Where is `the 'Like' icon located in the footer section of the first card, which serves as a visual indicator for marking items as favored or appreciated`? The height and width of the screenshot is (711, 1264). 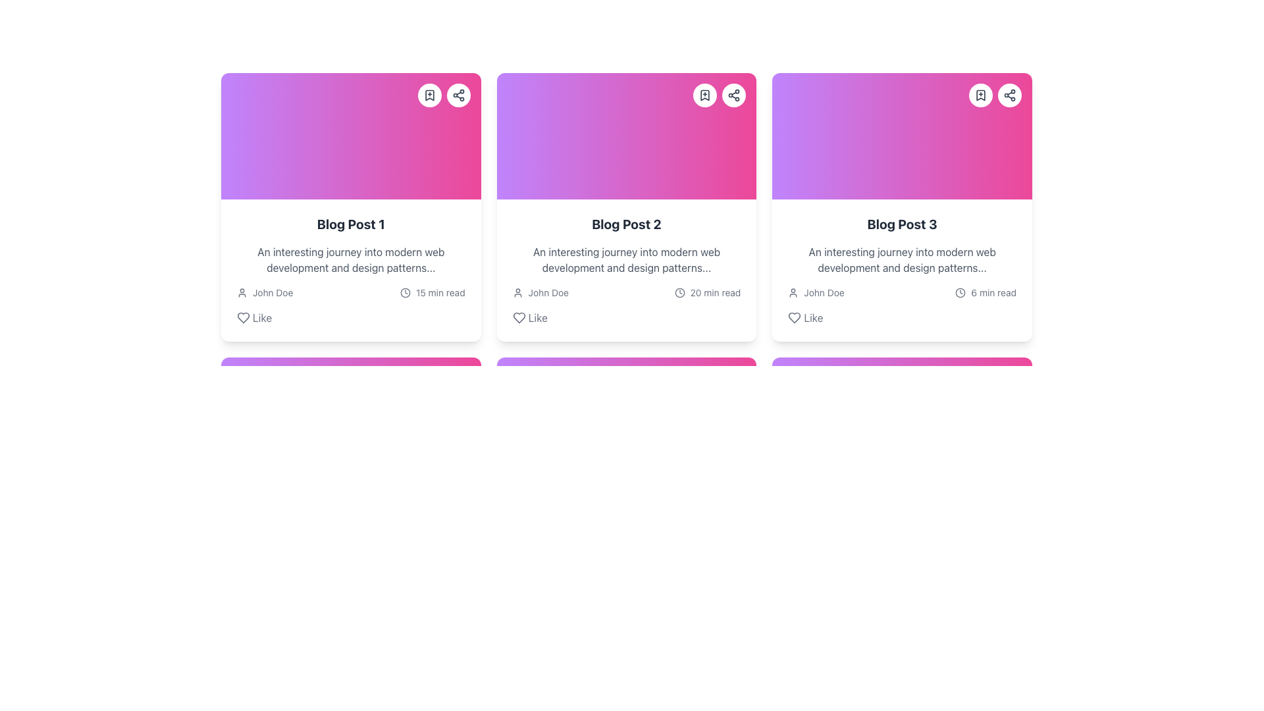
the 'Like' icon located in the footer section of the first card, which serves as a visual indicator for marking items as favored or appreciated is located at coordinates (243, 317).